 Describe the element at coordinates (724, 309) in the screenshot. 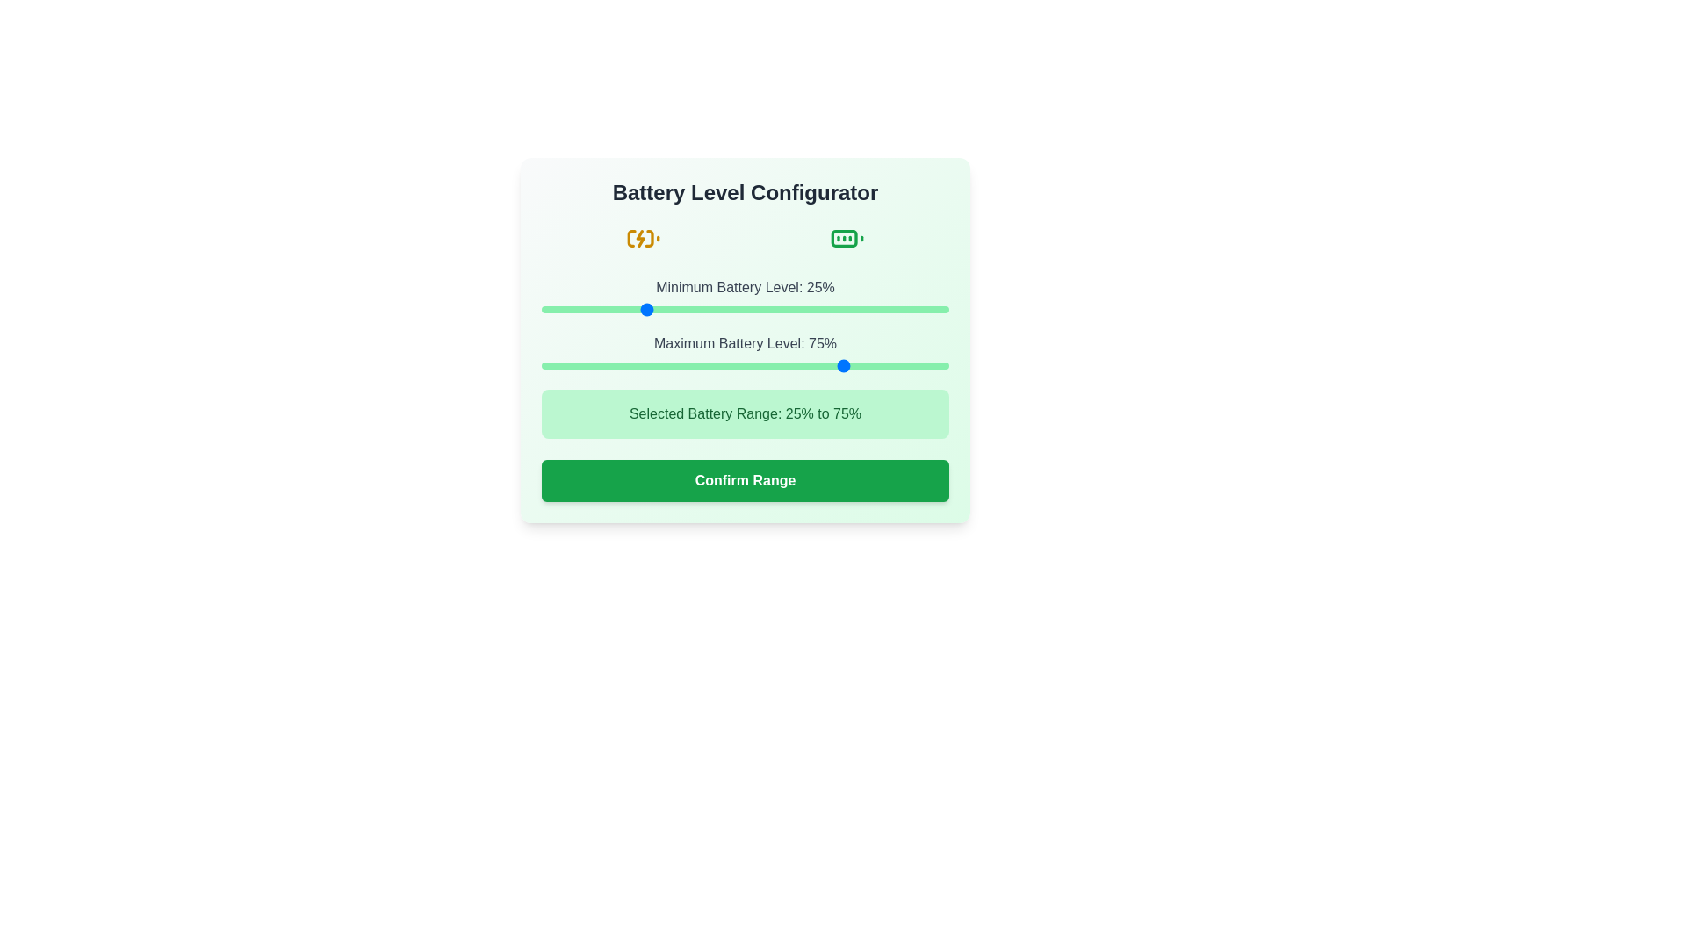

I see `the minimum battery level` at that location.